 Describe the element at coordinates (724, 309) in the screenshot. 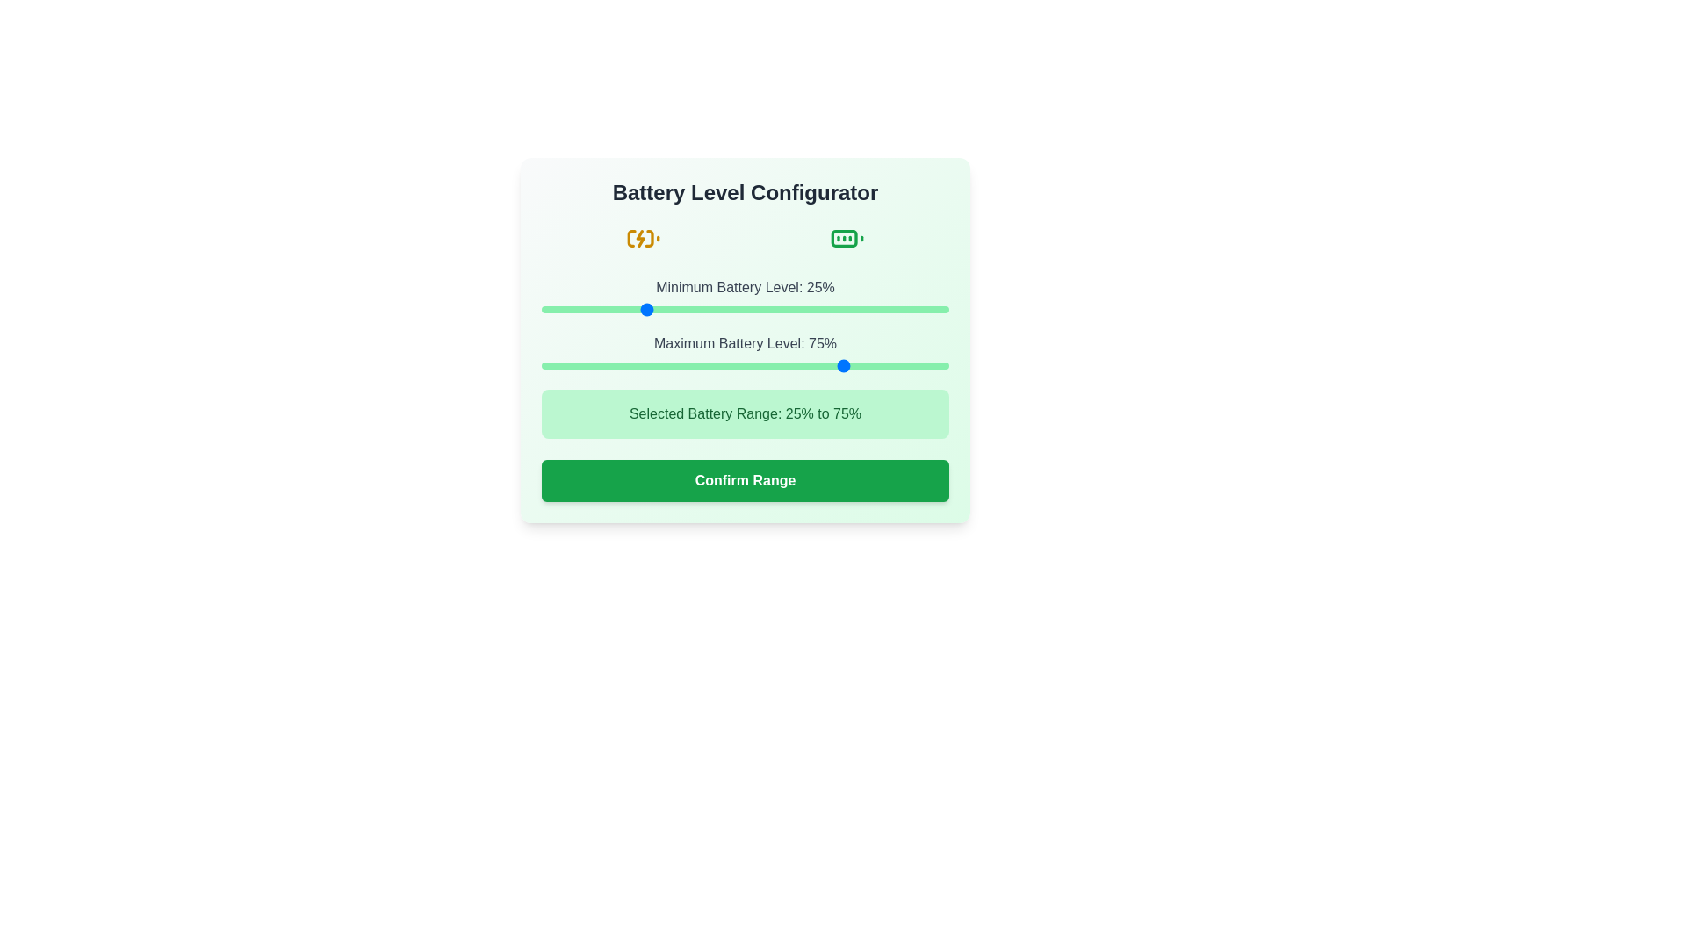

I see `the minimum battery level` at that location.